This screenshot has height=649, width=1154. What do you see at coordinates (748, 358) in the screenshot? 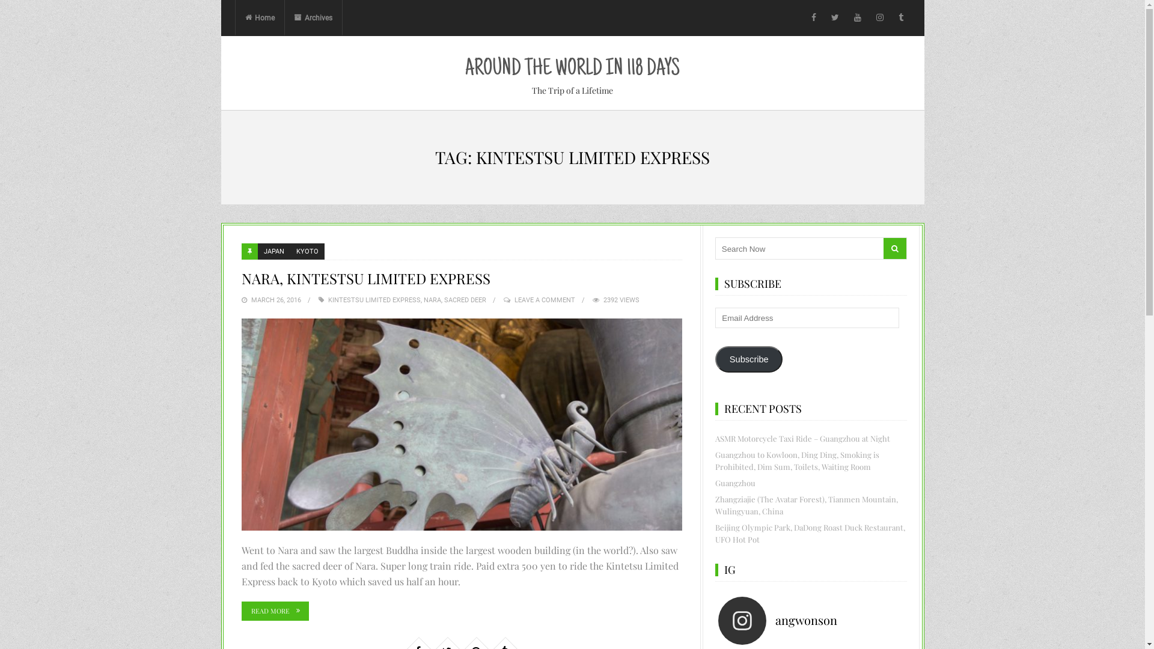
I see `'Subscribe'` at bounding box center [748, 358].